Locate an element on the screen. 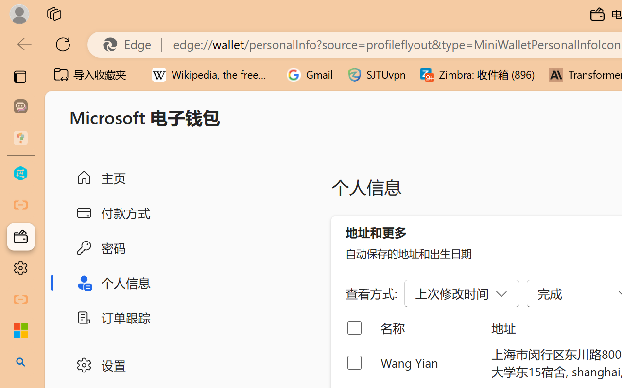 The width and height of the screenshot is (622, 388). 'Wikipedia, the free encyclopedia' is located at coordinates (212, 75).